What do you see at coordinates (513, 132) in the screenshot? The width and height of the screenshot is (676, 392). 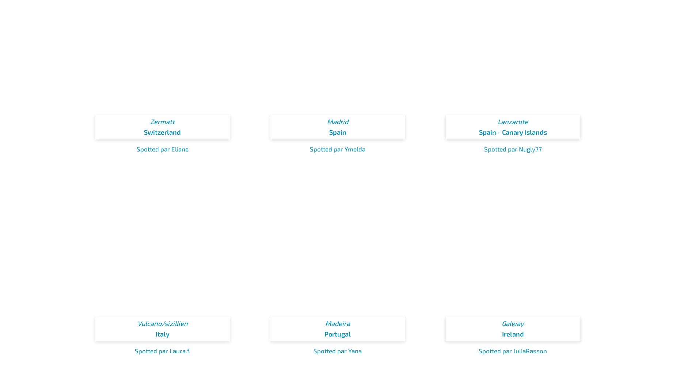 I see `'Spain - Canary Islands'` at bounding box center [513, 132].